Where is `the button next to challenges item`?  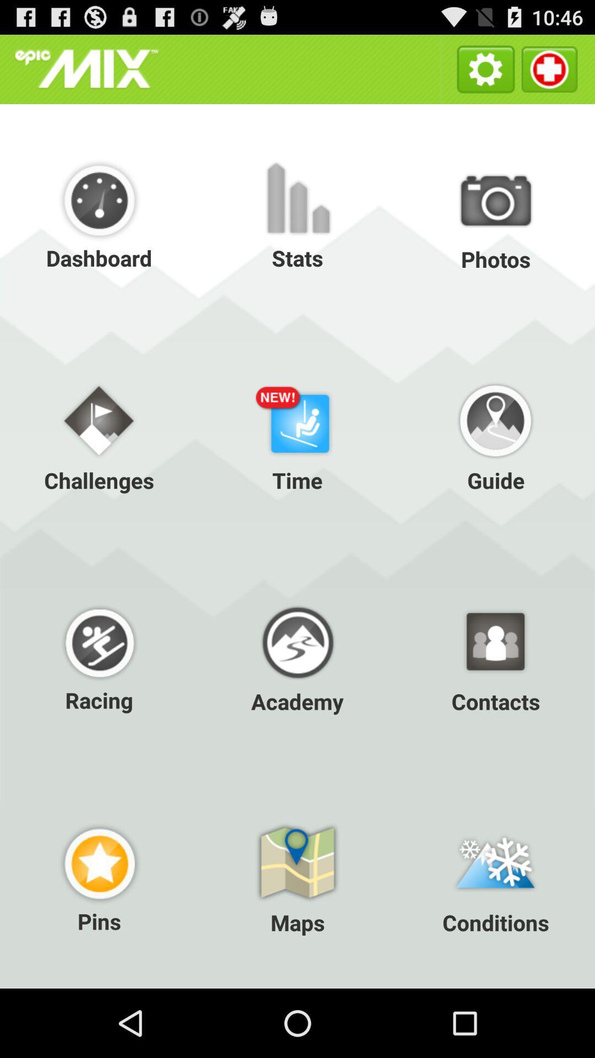
the button next to challenges item is located at coordinates (297, 435).